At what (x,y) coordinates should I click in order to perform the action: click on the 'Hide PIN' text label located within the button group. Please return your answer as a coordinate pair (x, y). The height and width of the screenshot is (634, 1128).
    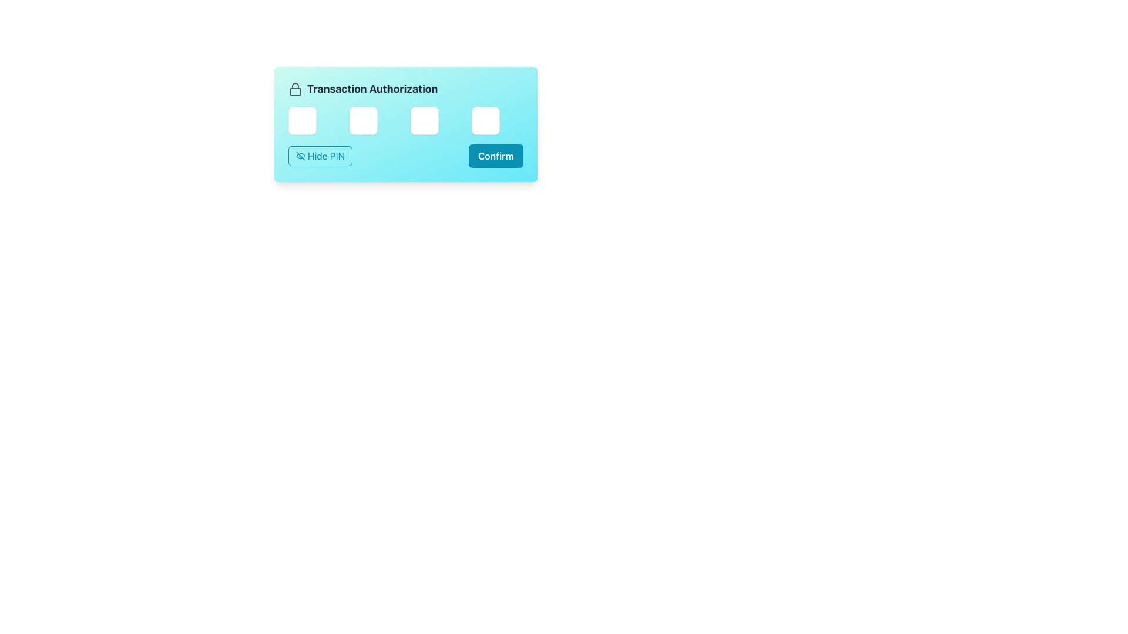
    Looking at the image, I should click on (326, 156).